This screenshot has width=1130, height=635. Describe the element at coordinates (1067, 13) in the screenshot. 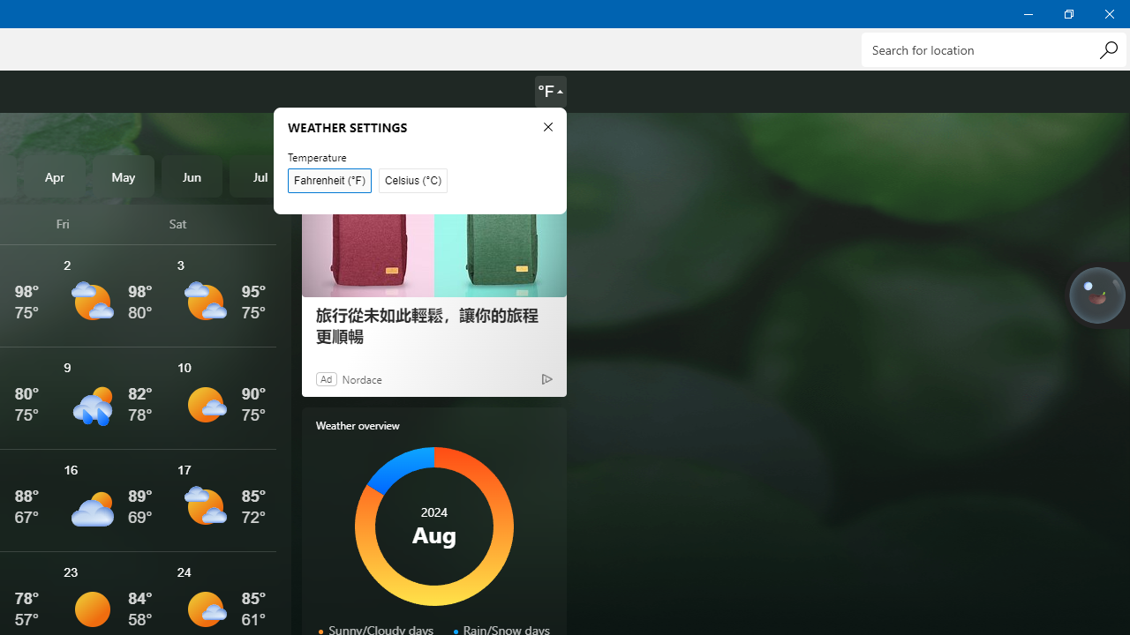

I see `'Restore Weather'` at that location.